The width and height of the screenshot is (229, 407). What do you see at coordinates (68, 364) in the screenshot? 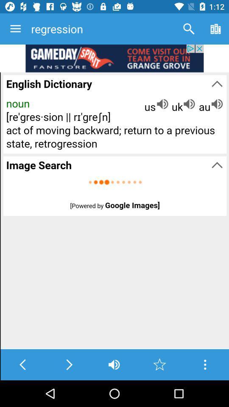
I see `go forward` at bounding box center [68, 364].